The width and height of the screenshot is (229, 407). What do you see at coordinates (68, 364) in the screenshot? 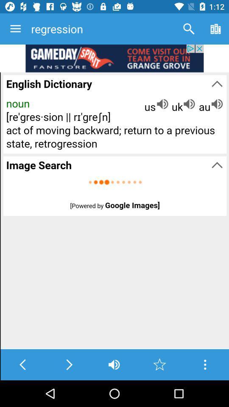
I see `go forward` at bounding box center [68, 364].